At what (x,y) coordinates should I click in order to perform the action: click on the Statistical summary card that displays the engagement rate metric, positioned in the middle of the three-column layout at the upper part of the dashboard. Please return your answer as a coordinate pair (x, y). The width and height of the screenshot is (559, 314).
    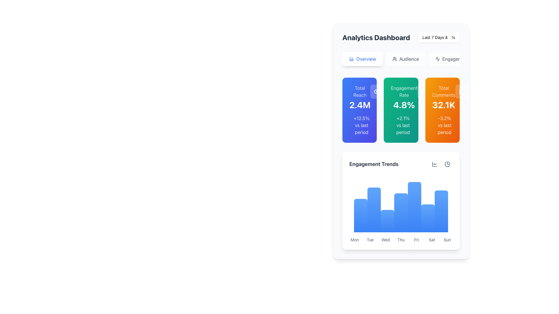
    Looking at the image, I should click on (401, 110).